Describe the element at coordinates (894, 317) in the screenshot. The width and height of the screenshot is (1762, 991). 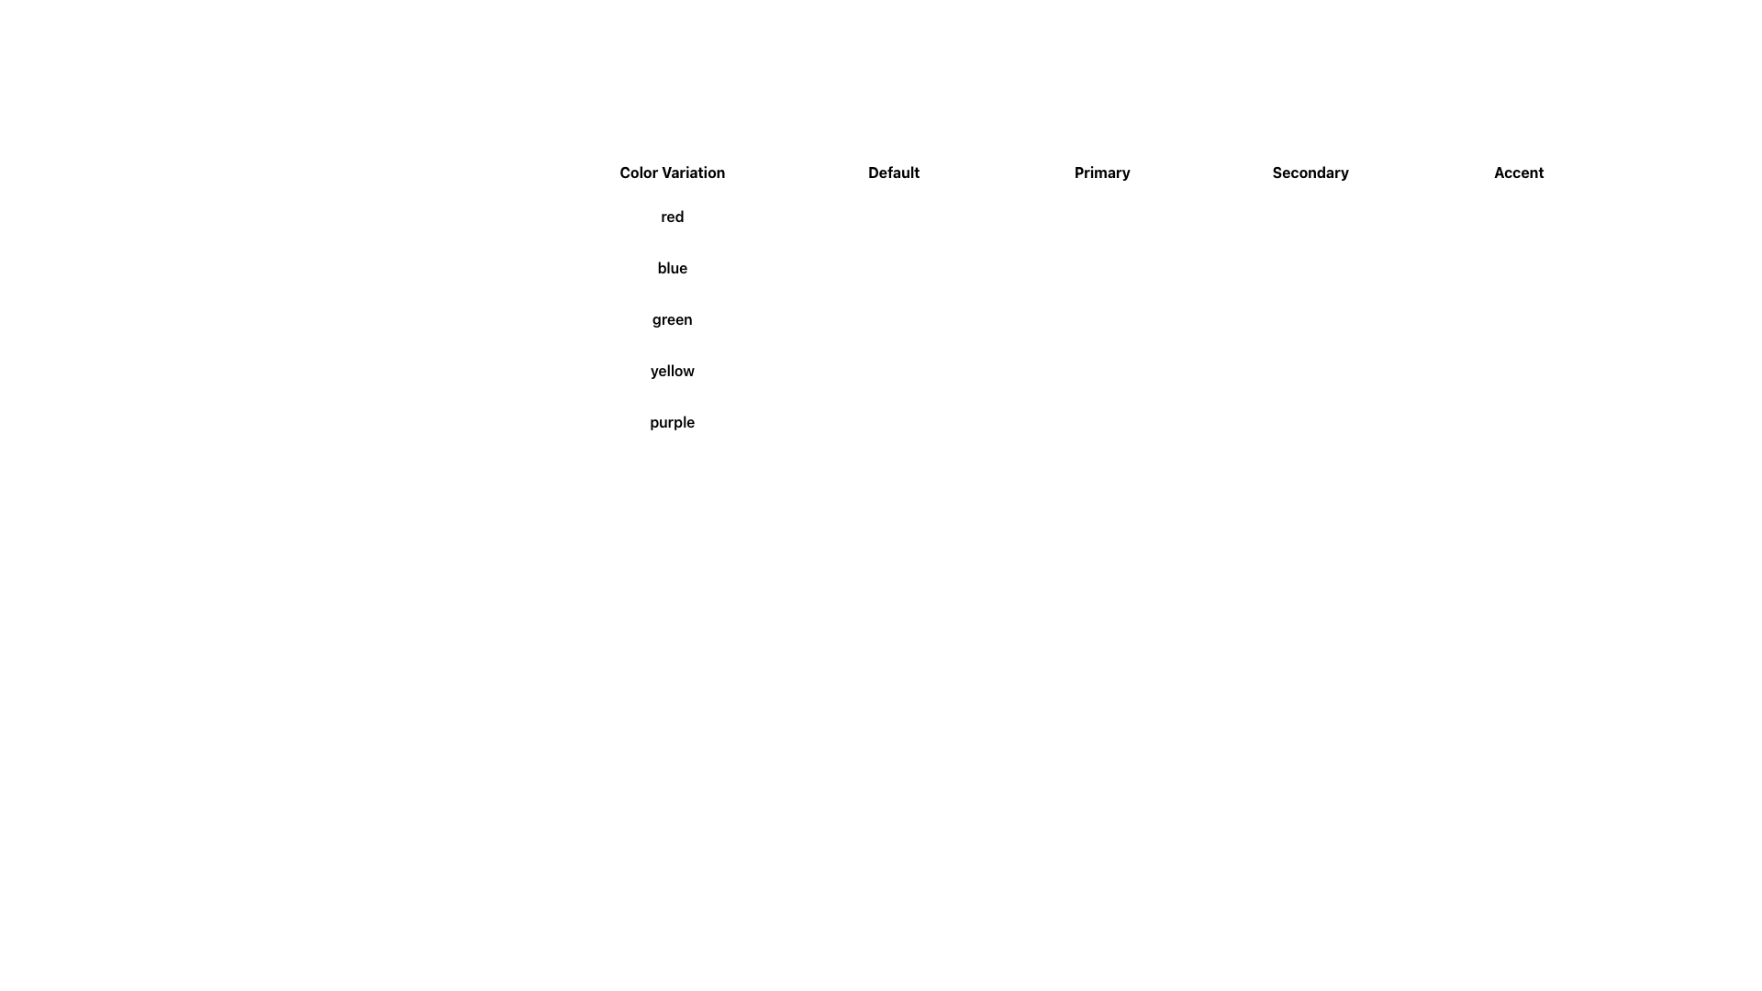
I see `text content of the label located in the third row of the first column, which is positioned under the elements labeled 'red' and 'blue'` at that location.